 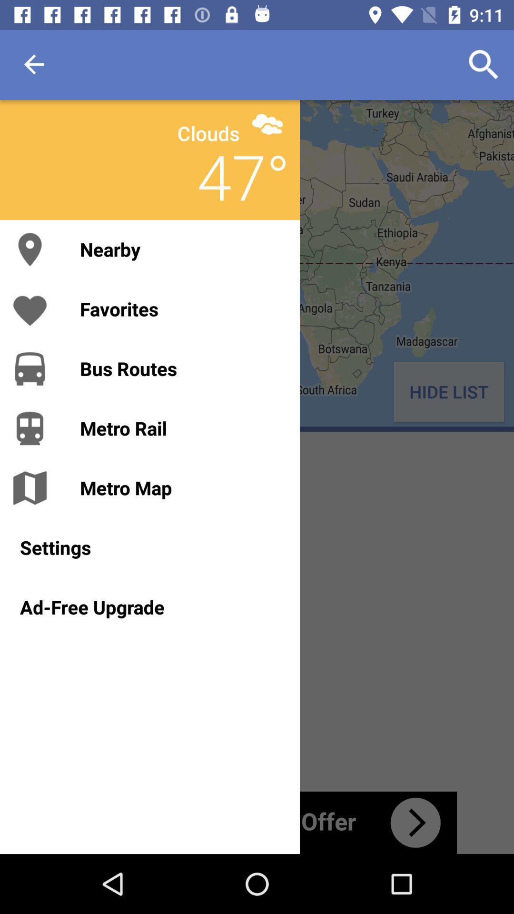 I want to click on item to the right of clouds icon, so click(x=267, y=123).